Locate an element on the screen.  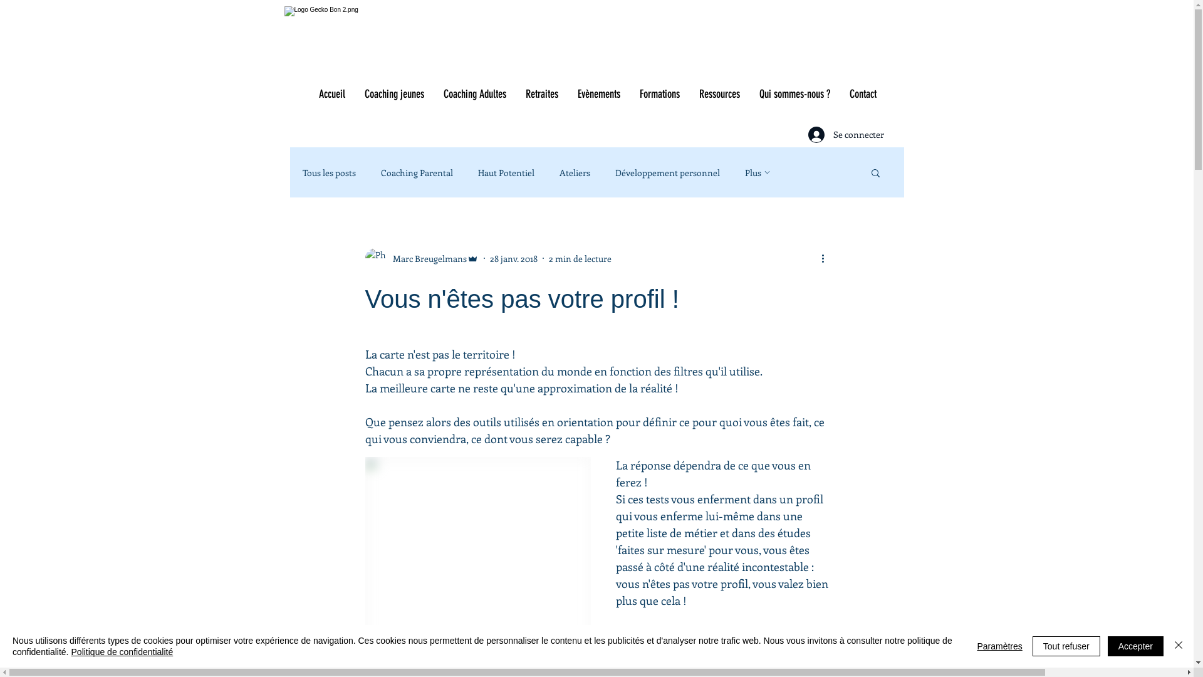
'Tout refuser' is located at coordinates (1066, 646).